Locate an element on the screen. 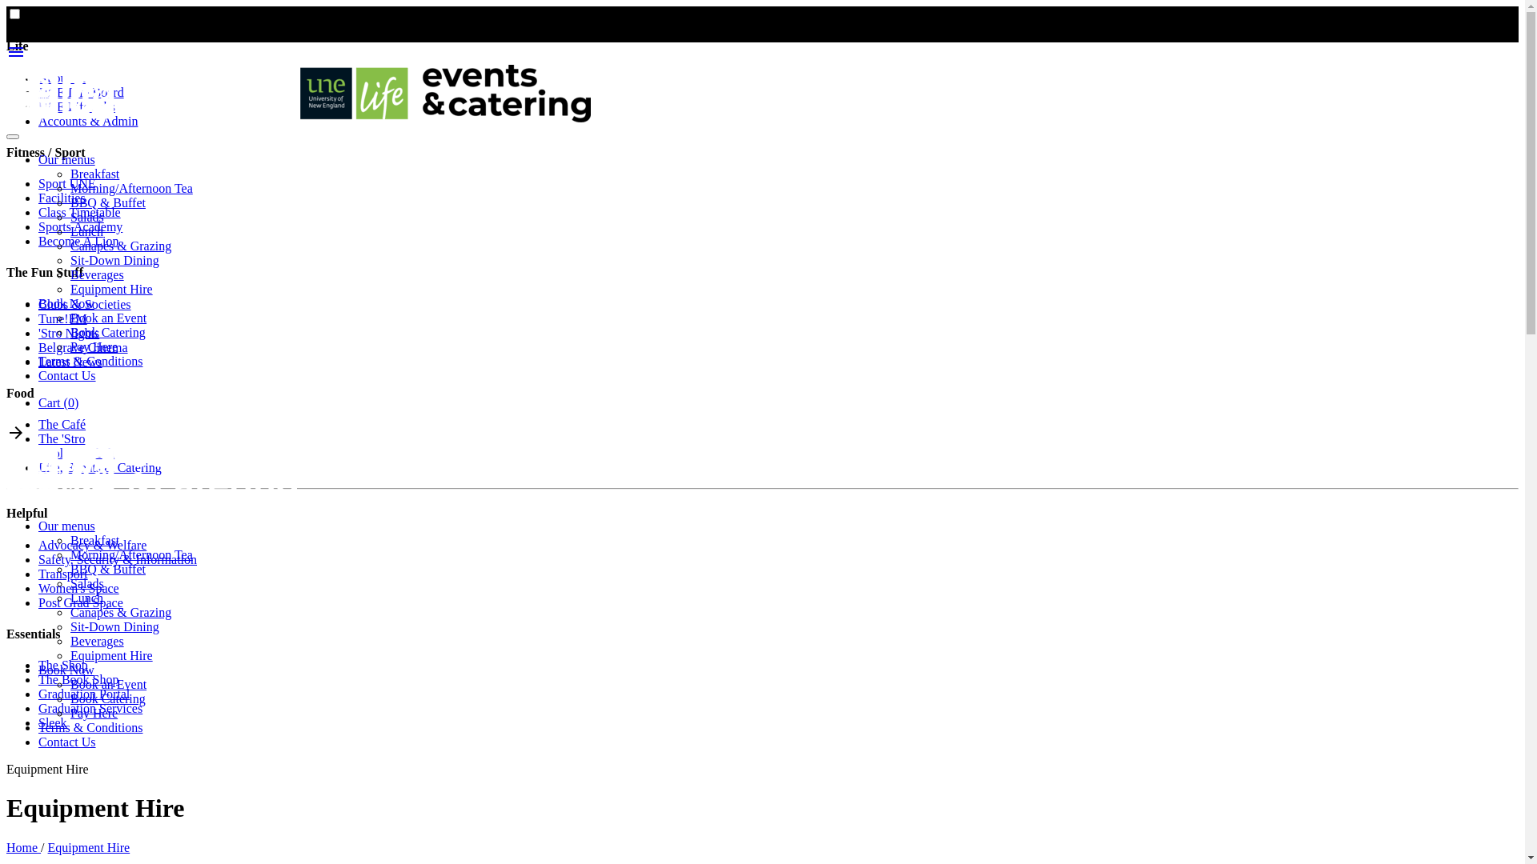  'Morning/Afternoon Tea' is located at coordinates (131, 554).